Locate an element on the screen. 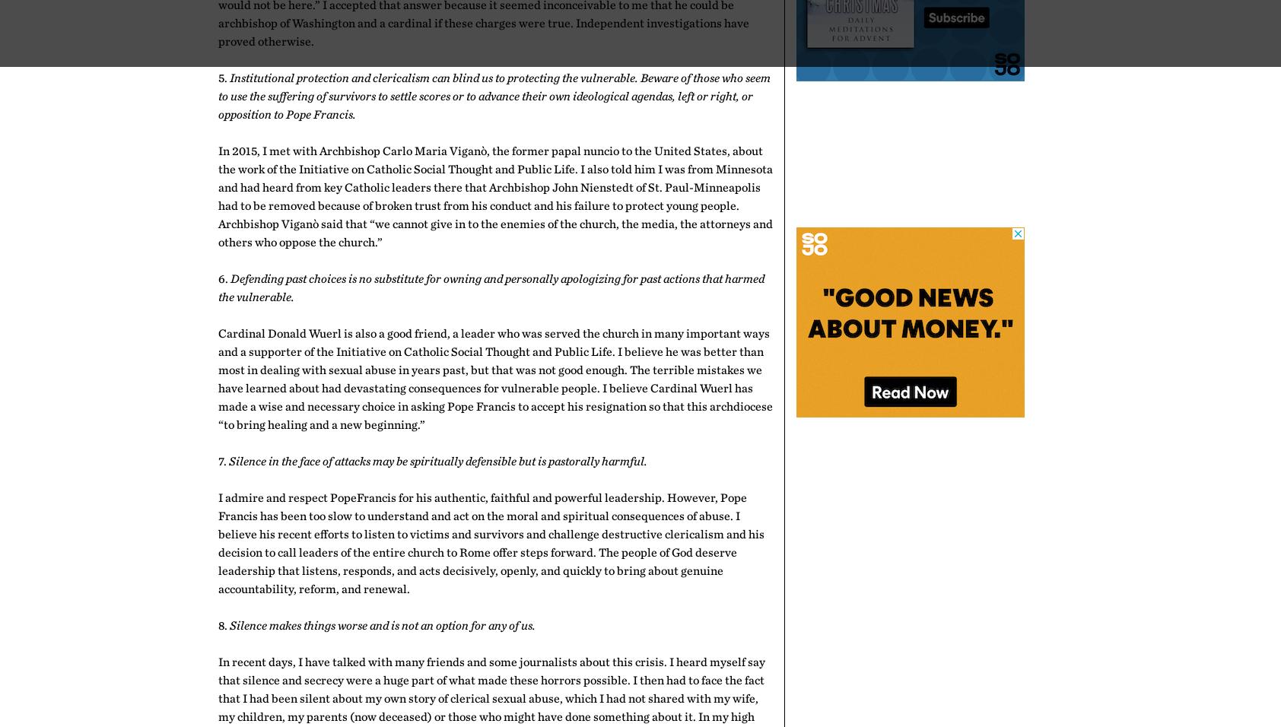 This screenshot has height=727, width=1281. 'Defending past choices is no substitute for owning and personally apologizing for past actions that harmed the vulnerable.' is located at coordinates (491, 287).